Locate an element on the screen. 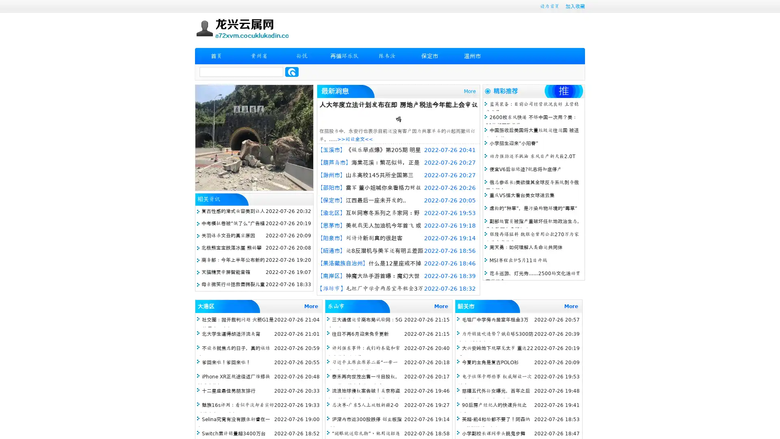 The image size is (780, 439). Search is located at coordinates (292, 72).